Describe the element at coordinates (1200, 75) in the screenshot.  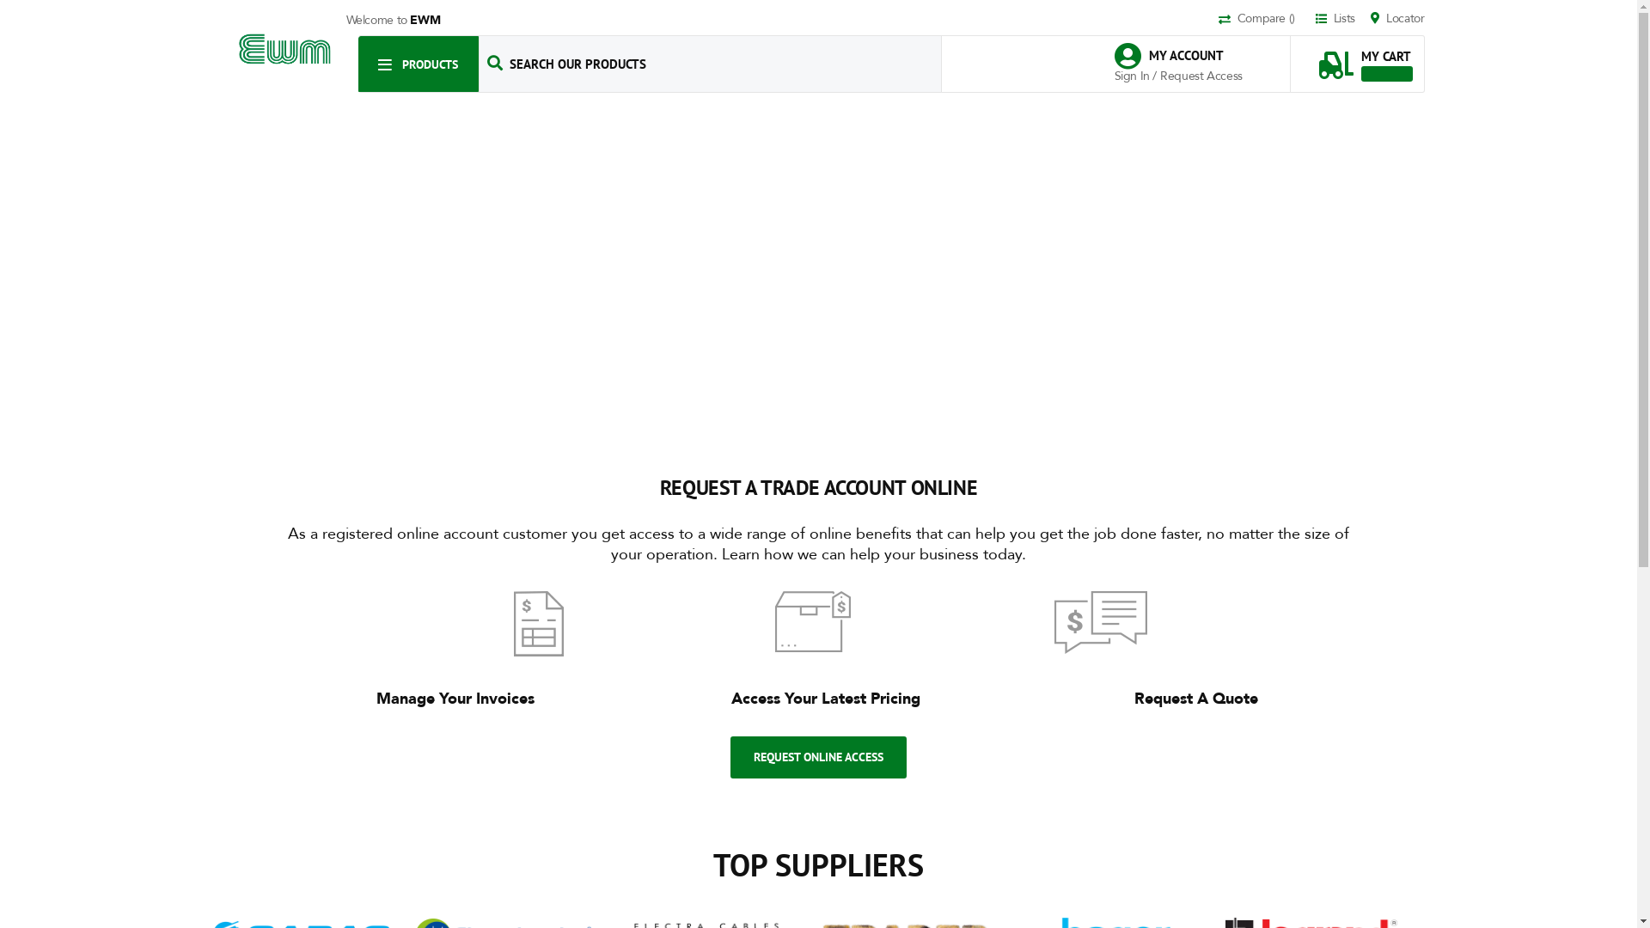
I see `'Request Access'` at that location.